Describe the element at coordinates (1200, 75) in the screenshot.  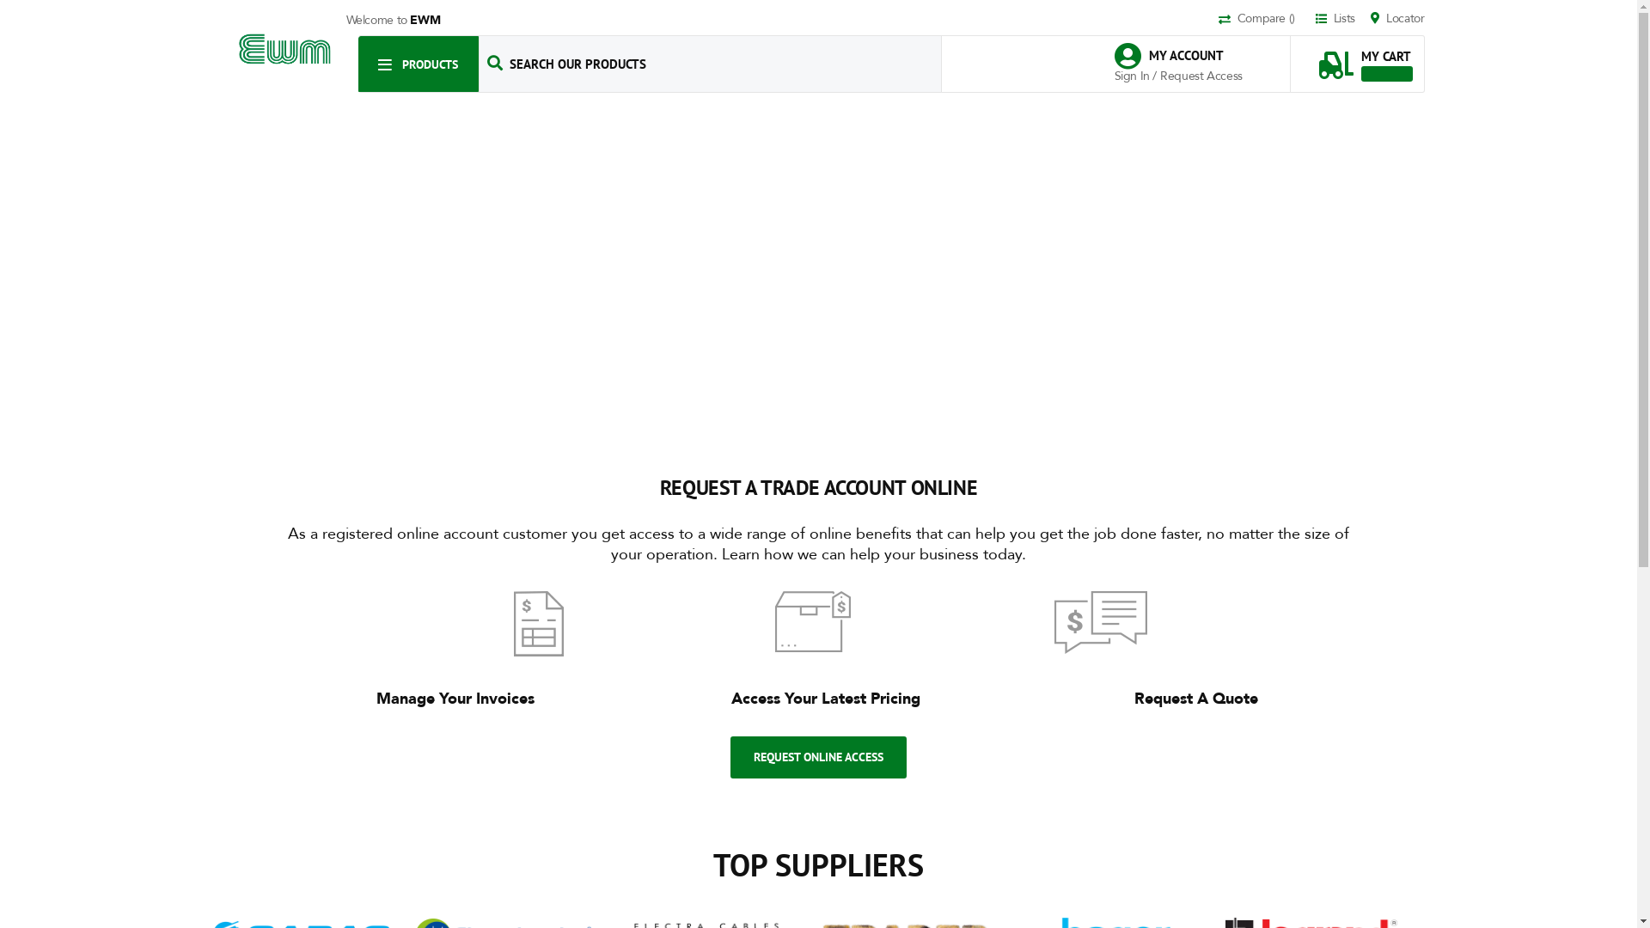
I see `'Request Access'` at that location.